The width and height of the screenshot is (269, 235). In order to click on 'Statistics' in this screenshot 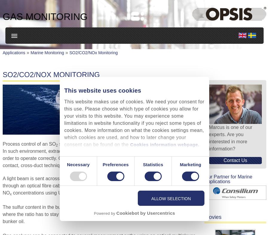, I will do `click(152, 164)`.